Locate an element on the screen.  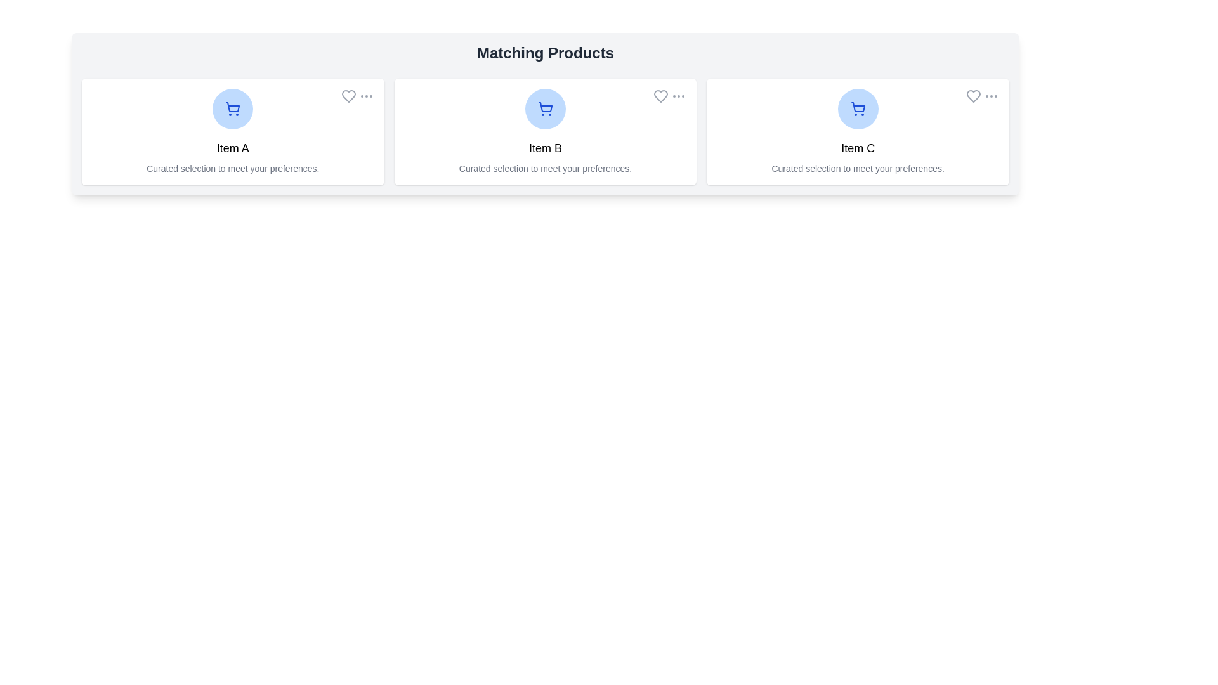
the heart button to favorite the product Item C is located at coordinates (973, 95).